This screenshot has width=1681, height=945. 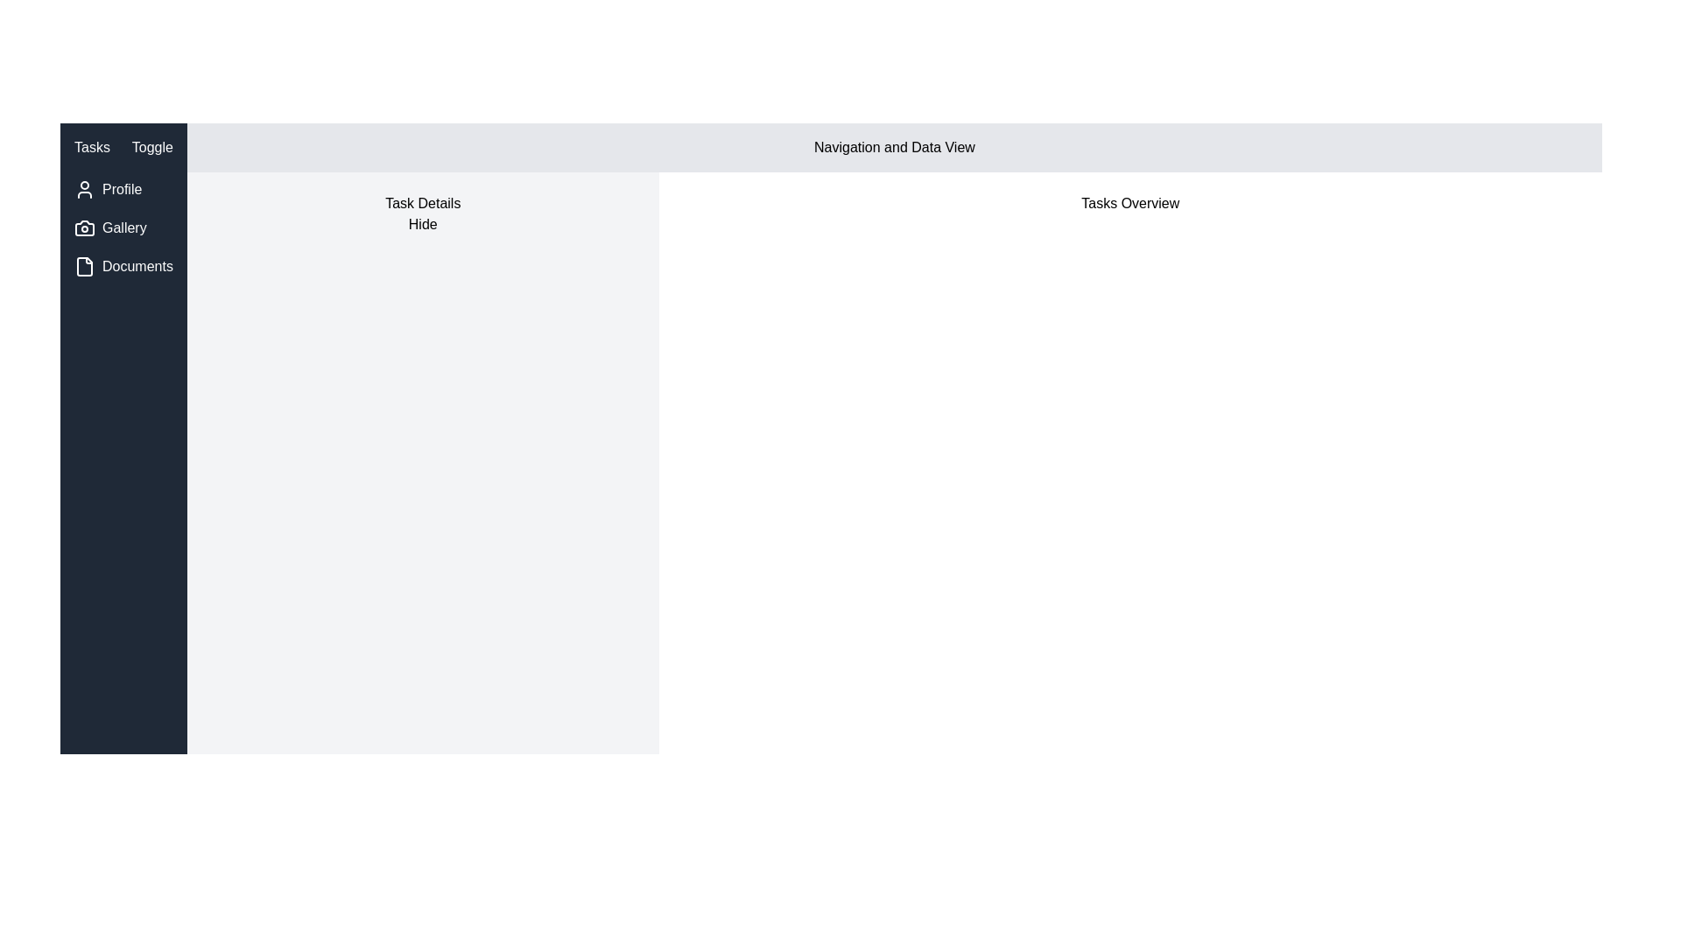 What do you see at coordinates (121, 189) in the screenshot?
I see `the 'Profile' text label element, which is styled in white on a dark blue background and positioned next to a user avatar icon in the left sidebar menu` at bounding box center [121, 189].